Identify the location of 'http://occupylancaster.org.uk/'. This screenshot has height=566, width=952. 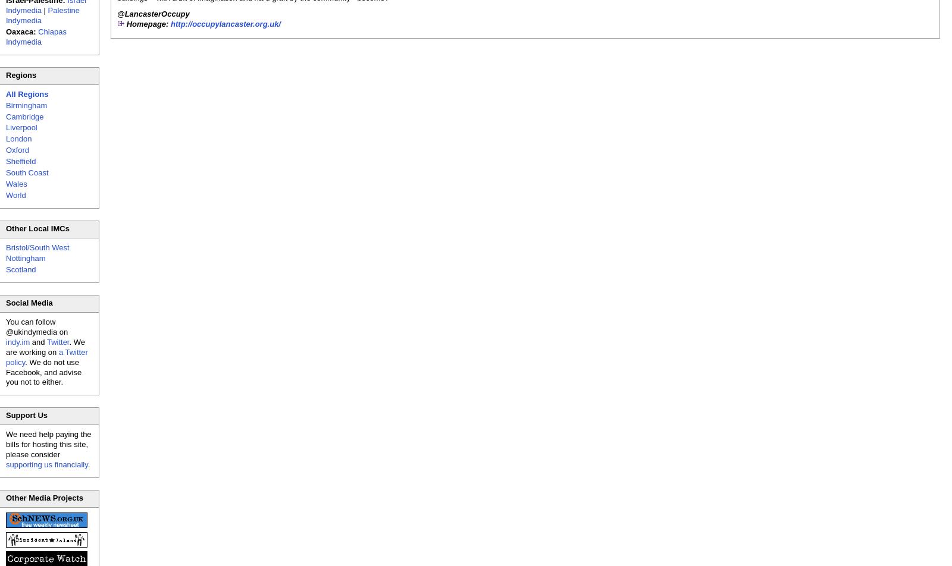
(226, 23).